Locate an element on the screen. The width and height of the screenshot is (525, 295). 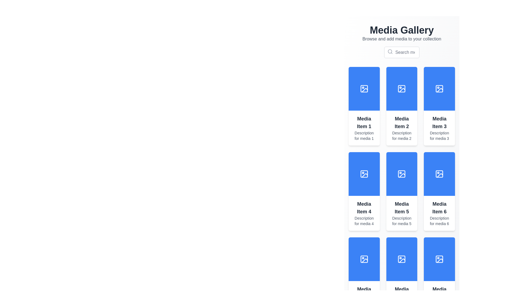
the static text label providing additional information for 'Media Item 2', located directly below the heading in the second card of the grid layout is located at coordinates (402, 135).